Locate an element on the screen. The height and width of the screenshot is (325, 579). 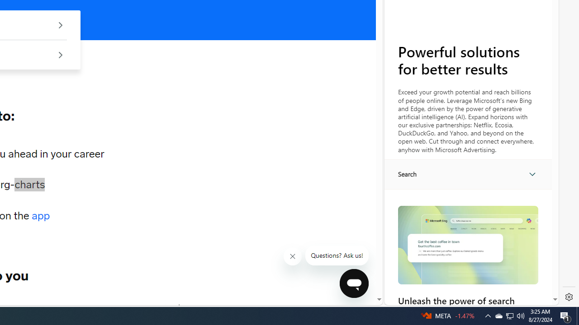
'Questions? Ask us!' is located at coordinates (337, 255).